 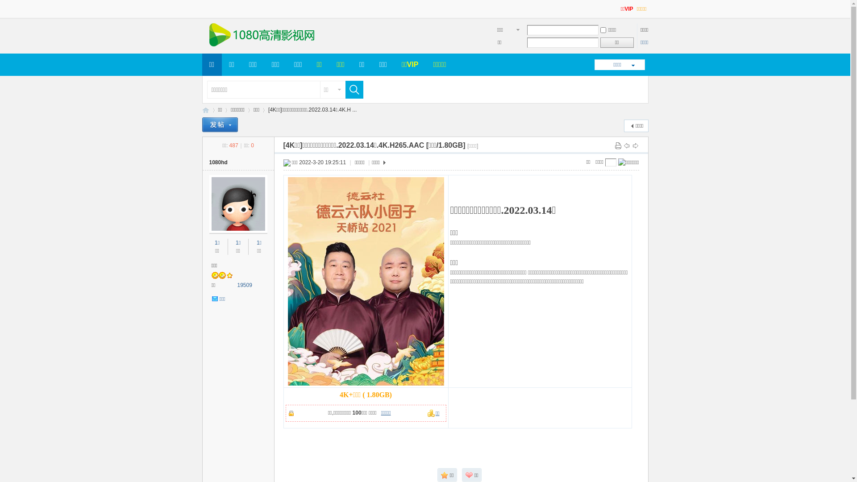 I want to click on 'true', so click(x=351, y=89).